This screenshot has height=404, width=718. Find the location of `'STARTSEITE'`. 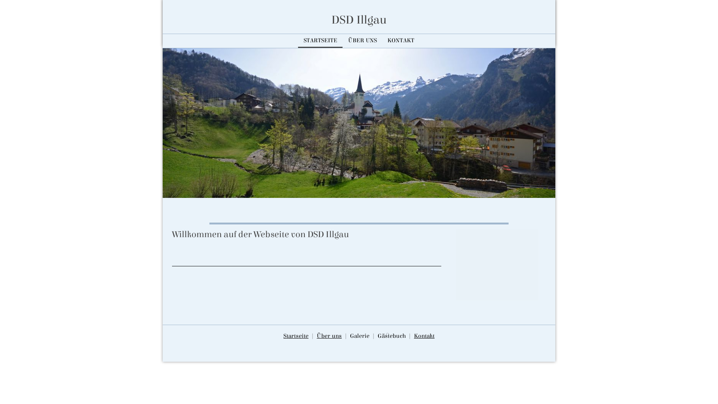

'STARTSEITE' is located at coordinates (320, 40).